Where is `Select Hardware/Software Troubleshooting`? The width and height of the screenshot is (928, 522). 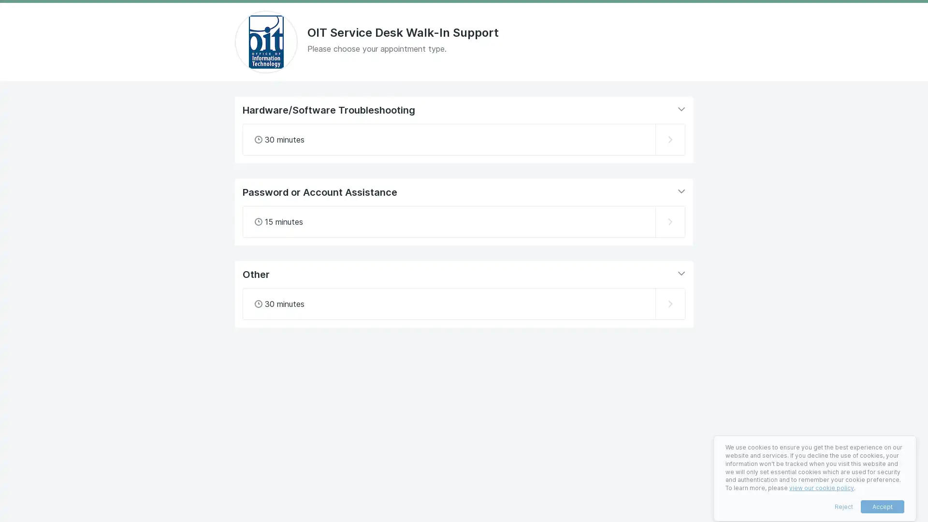
Select Hardware/Software Troubleshooting is located at coordinates (464, 140).